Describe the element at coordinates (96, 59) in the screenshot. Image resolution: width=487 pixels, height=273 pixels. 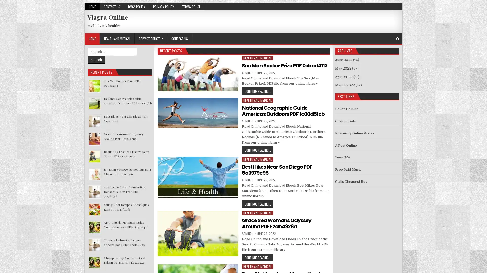
I see `Search` at that location.